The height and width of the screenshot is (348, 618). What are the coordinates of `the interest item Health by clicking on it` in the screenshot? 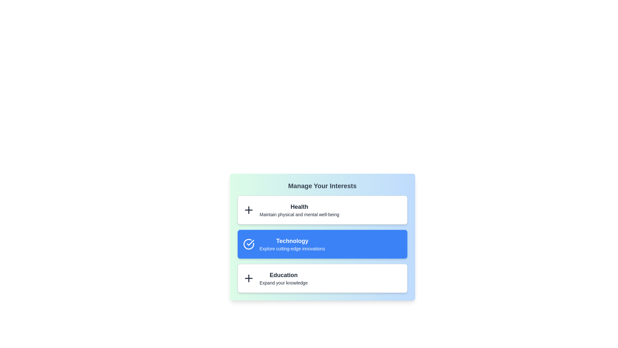 It's located at (322, 210).